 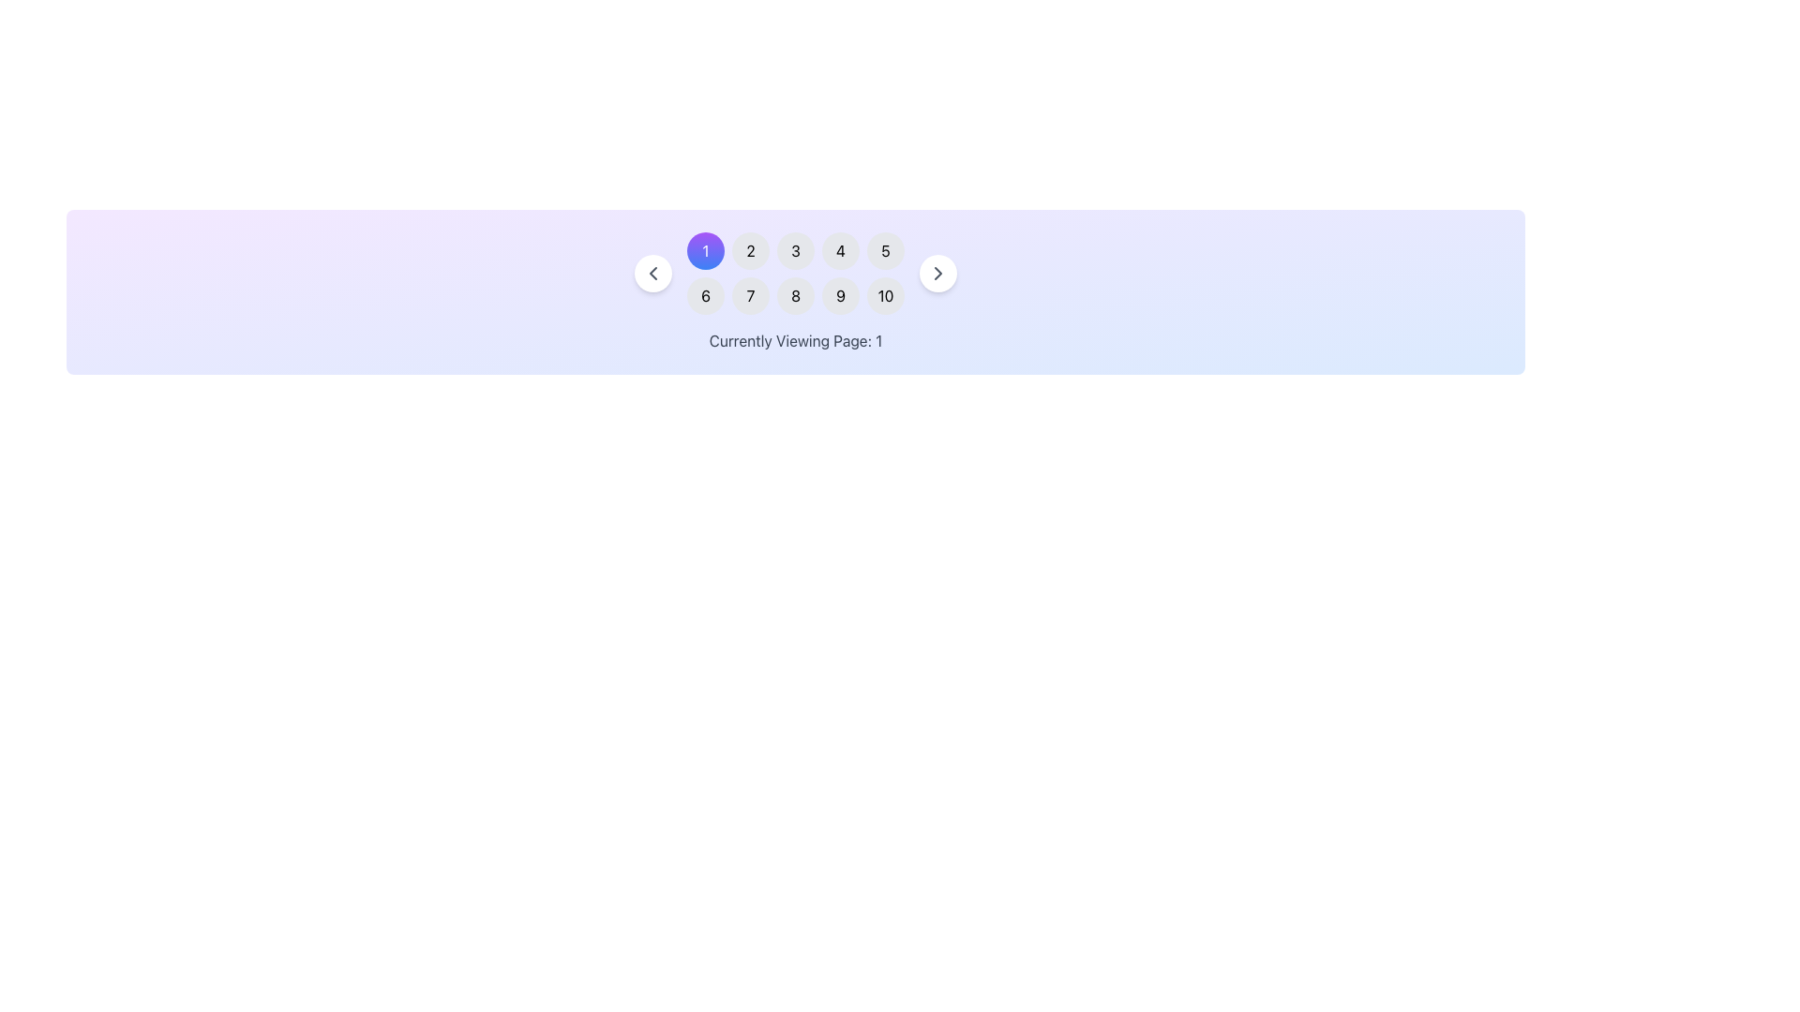 What do you see at coordinates (840, 249) in the screenshot?
I see `the circular button labeled '4' with a light gray background to interact` at bounding box center [840, 249].